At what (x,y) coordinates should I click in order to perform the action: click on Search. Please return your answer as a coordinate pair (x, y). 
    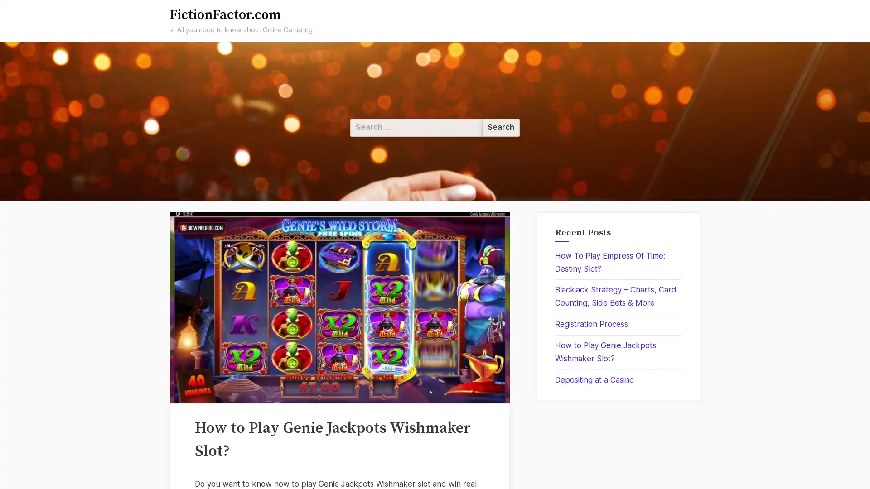
    Looking at the image, I should click on (500, 127).